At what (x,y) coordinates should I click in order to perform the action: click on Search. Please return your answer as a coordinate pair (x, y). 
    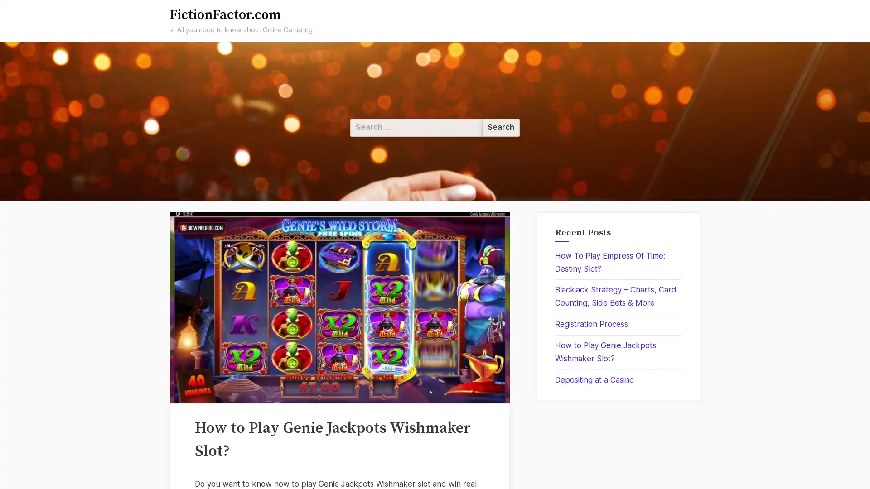
    Looking at the image, I should click on (500, 127).